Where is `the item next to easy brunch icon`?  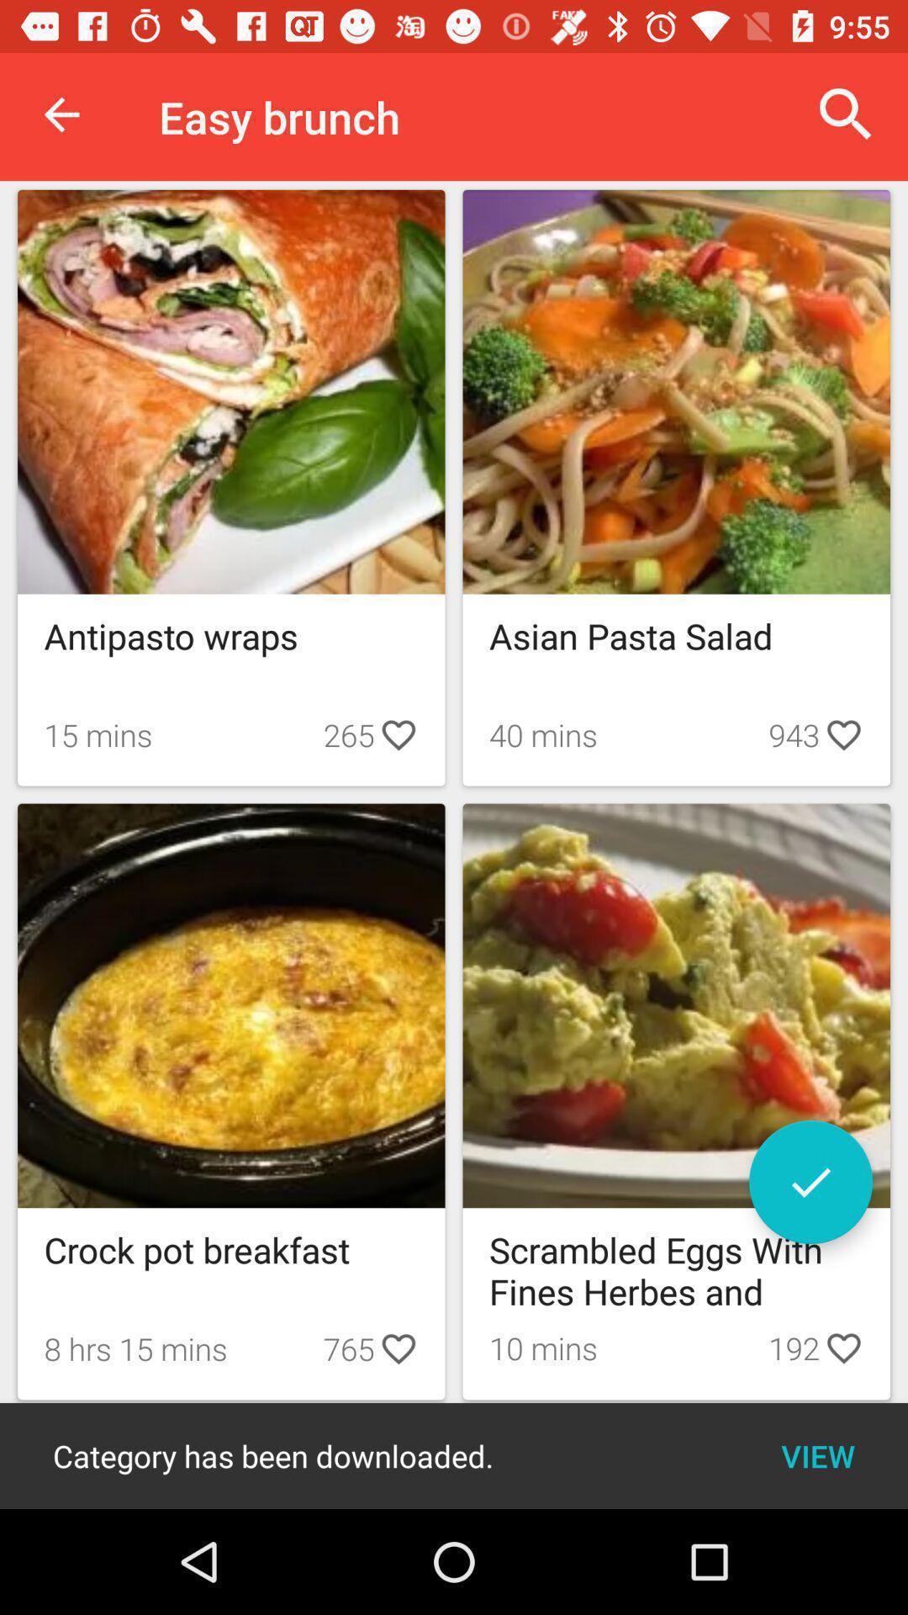
the item next to easy brunch icon is located at coordinates (846, 114).